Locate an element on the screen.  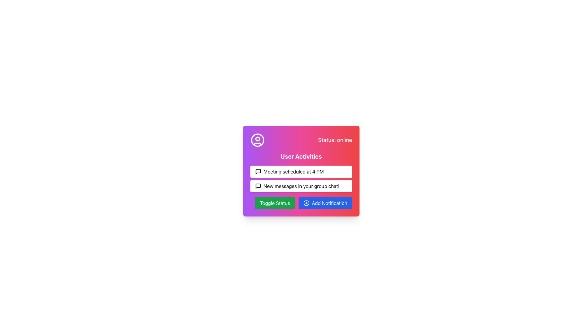
the notification card that displays the message 'New messages in your group chat!' located under the 'User Activities' section is located at coordinates (301, 186).